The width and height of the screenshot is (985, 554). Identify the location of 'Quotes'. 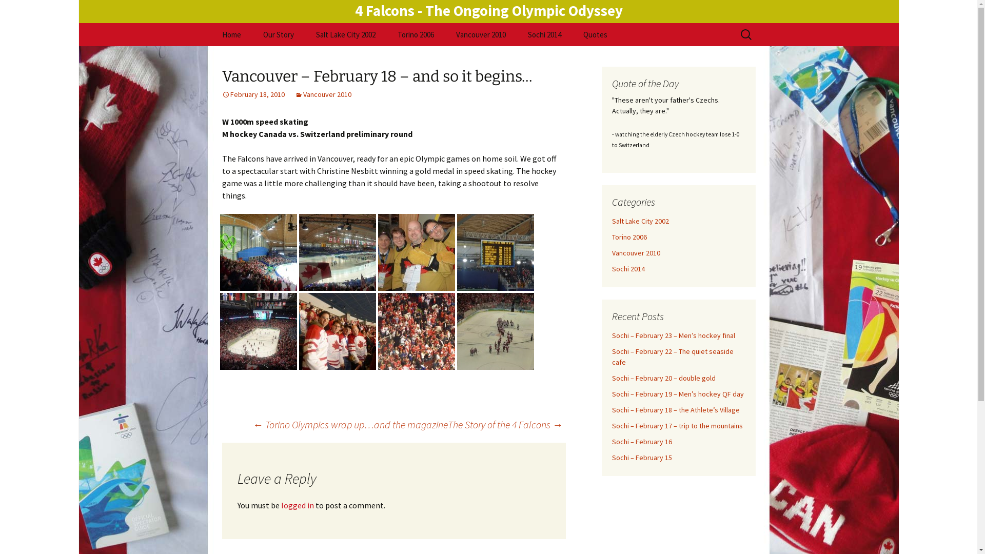
(572, 34).